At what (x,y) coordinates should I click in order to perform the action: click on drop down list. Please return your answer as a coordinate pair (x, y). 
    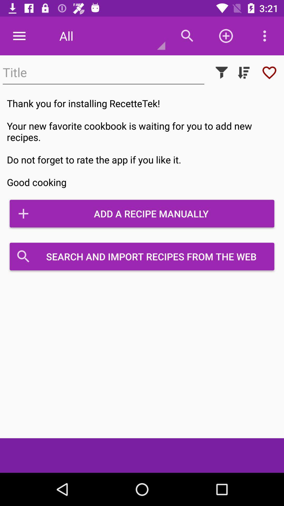
    Looking at the image, I should click on (244, 72).